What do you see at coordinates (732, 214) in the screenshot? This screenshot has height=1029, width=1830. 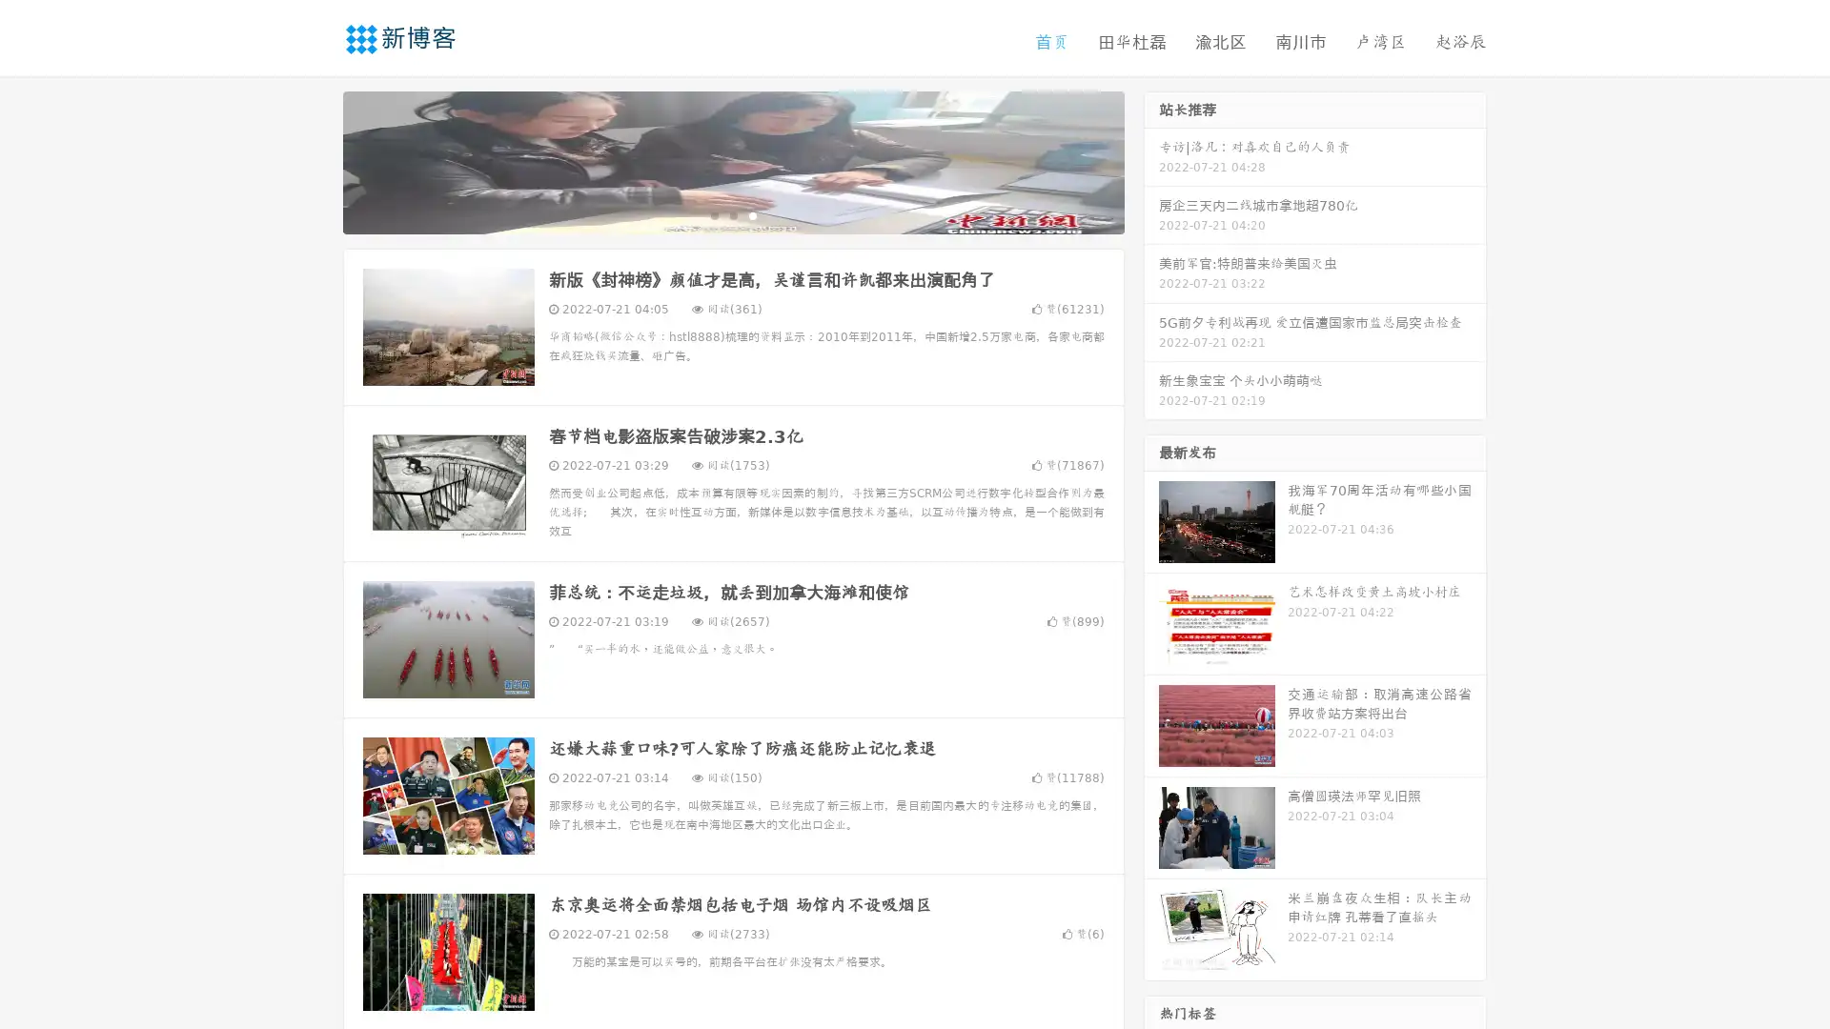 I see `Go to slide 2` at bounding box center [732, 214].